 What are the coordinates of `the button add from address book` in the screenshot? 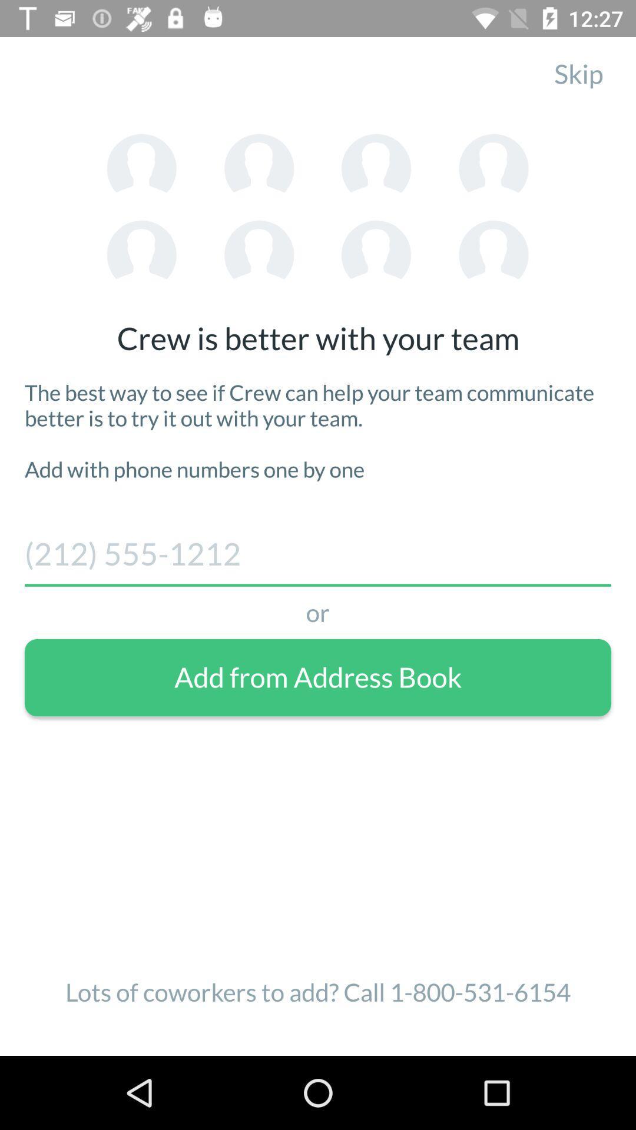 It's located at (318, 677).